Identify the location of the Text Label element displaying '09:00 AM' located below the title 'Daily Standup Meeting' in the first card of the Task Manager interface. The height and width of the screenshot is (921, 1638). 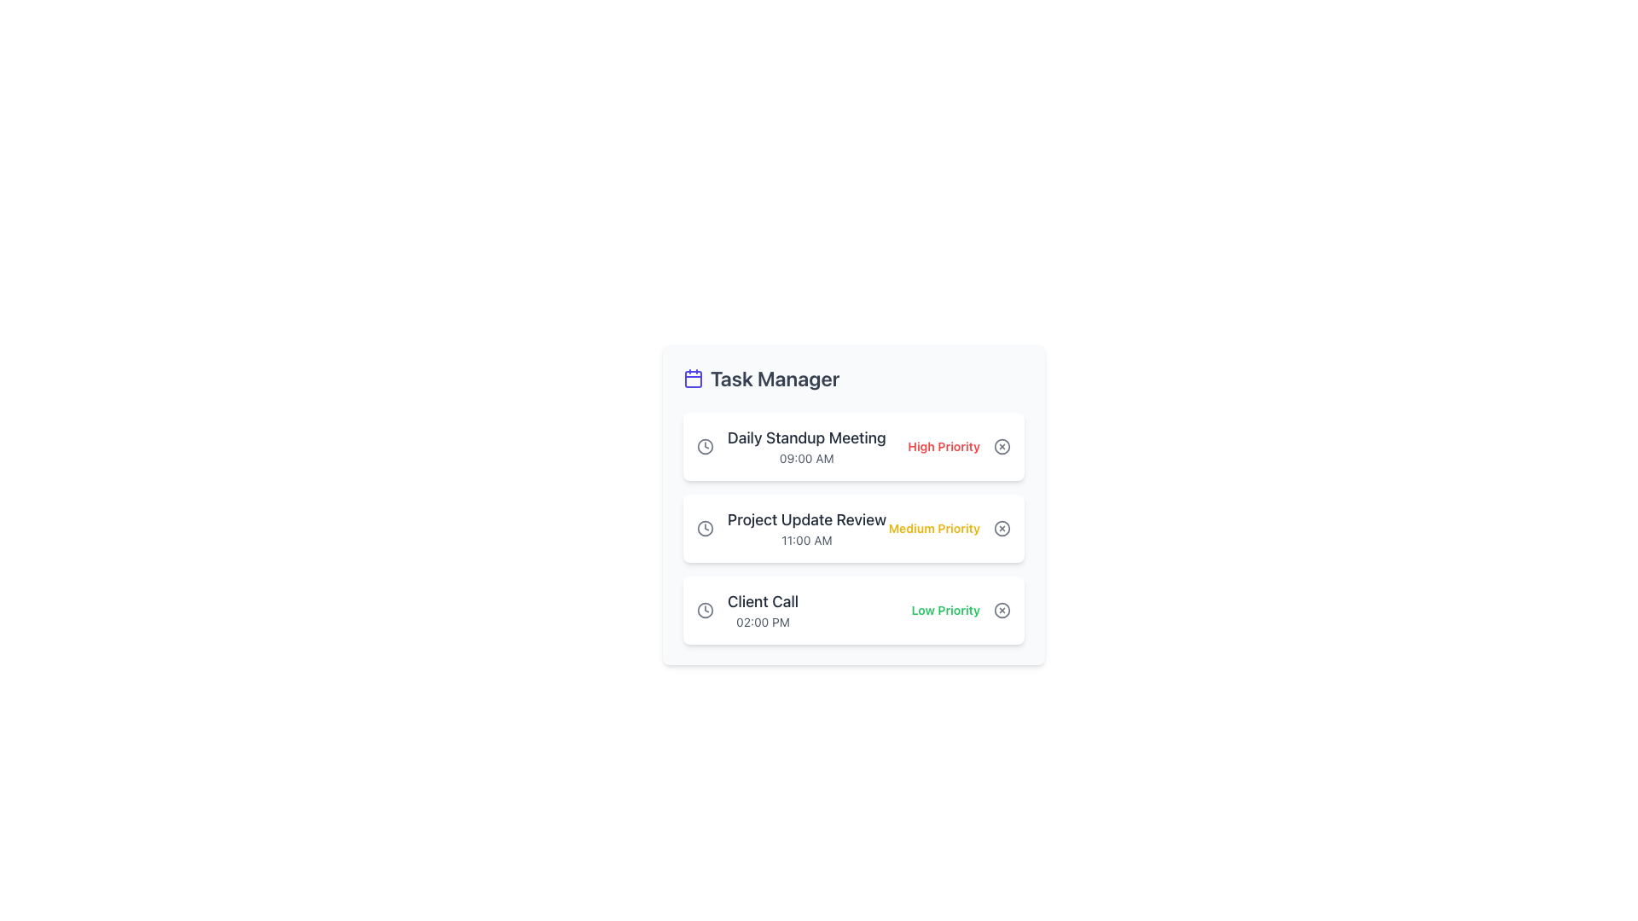
(805, 457).